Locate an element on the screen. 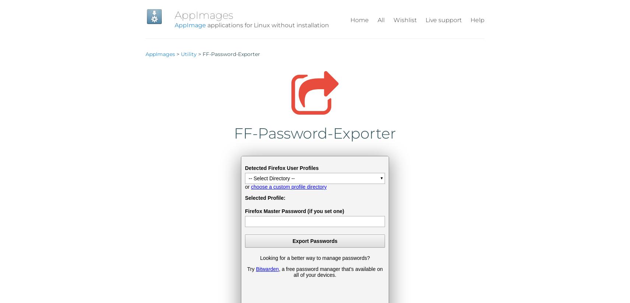  'All' is located at coordinates (381, 20).